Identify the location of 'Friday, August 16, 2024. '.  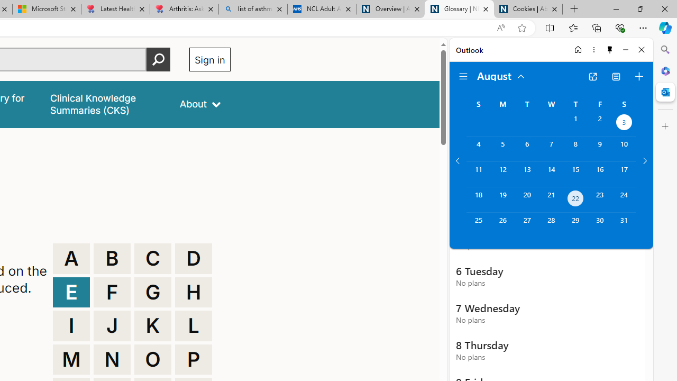
(600, 174).